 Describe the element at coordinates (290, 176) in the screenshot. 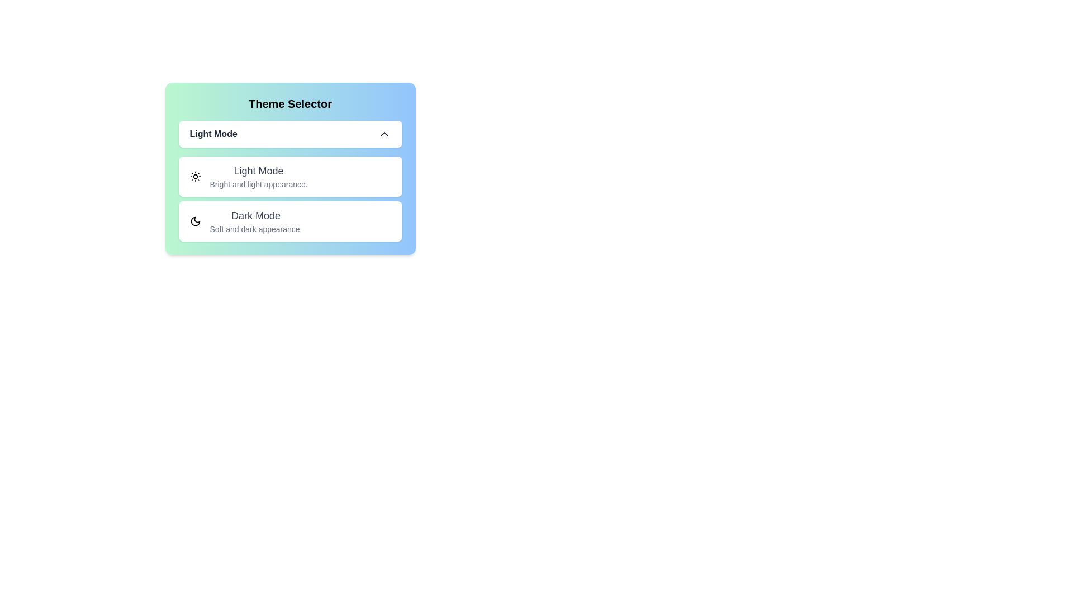

I see `the theme Light Mode by clicking on its respective option in the list` at that location.